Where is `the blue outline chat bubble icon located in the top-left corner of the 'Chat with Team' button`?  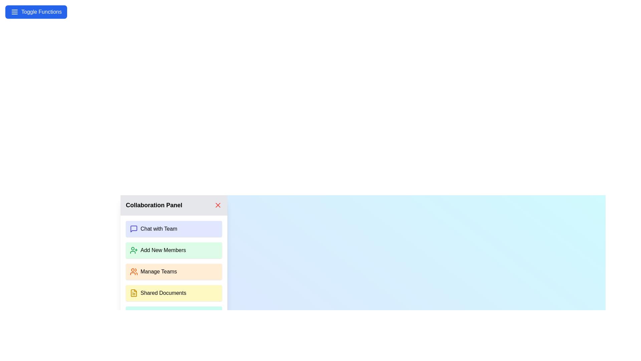
the blue outline chat bubble icon located in the top-left corner of the 'Chat with Team' button is located at coordinates (134, 229).